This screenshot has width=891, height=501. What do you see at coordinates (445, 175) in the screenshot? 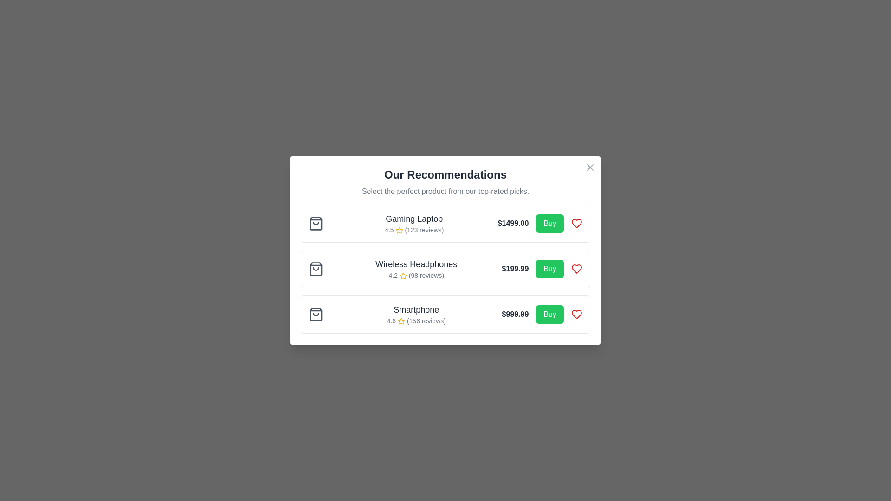
I see `the bold text label displaying 'Our Recommendations', which is styled prominently as the title of the section` at bounding box center [445, 175].